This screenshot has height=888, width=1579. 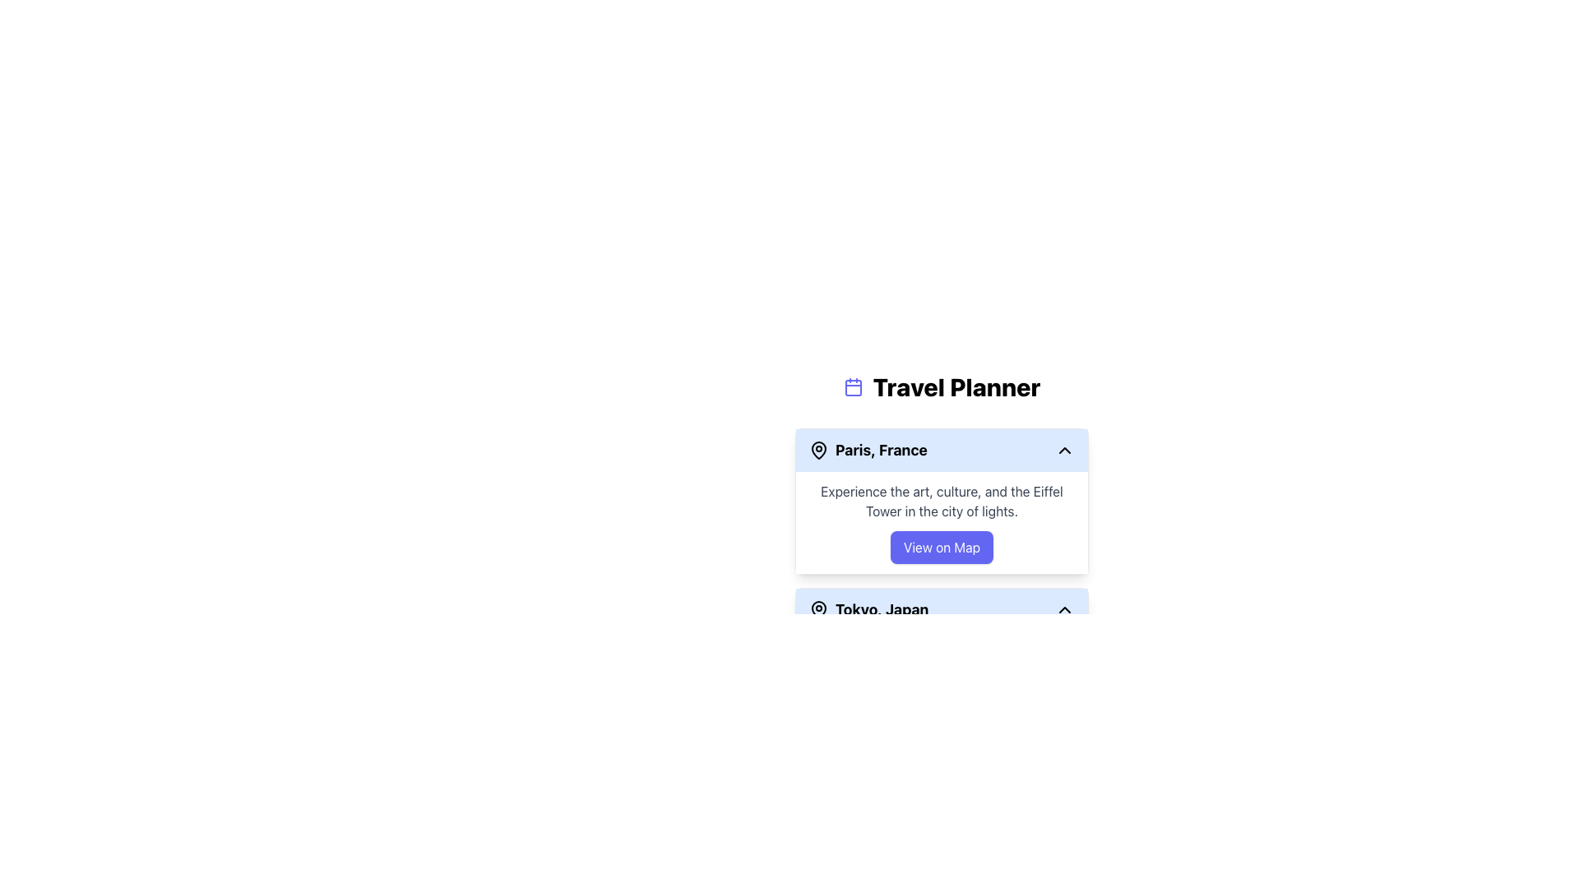 What do you see at coordinates (868, 609) in the screenshot?
I see `the Label displaying 'Tokyo, Japan' which features an icon resembling a pin or map marker on its left side` at bounding box center [868, 609].